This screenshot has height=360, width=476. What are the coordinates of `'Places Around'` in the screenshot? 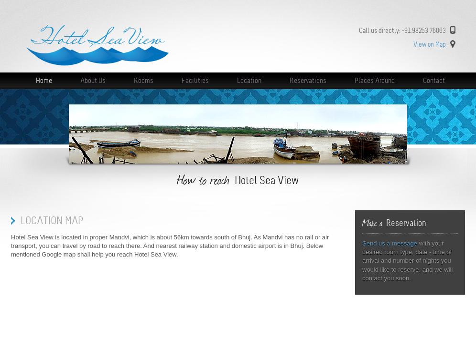 It's located at (374, 80).